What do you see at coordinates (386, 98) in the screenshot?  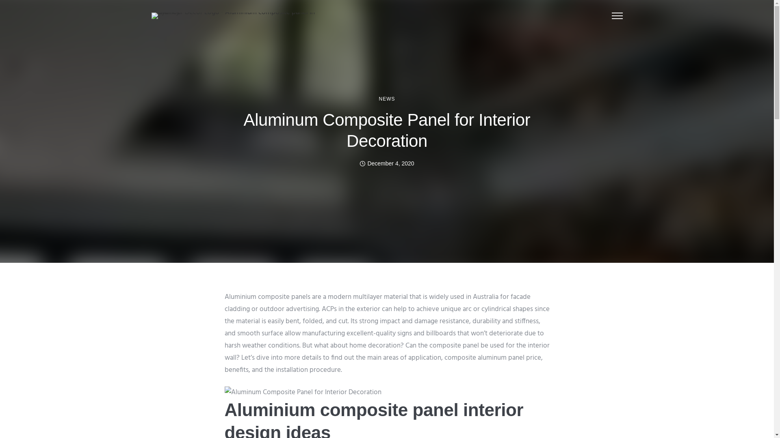 I see `'NEWS'` at bounding box center [386, 98].